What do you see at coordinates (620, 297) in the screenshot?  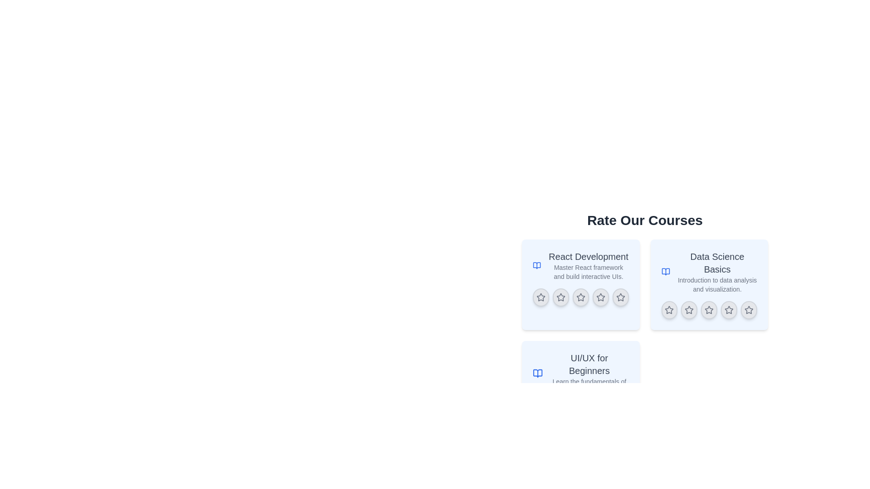 I see `the fifth star icon in the React Development course rating system for visual feedback` at bounding box center [620, 297].